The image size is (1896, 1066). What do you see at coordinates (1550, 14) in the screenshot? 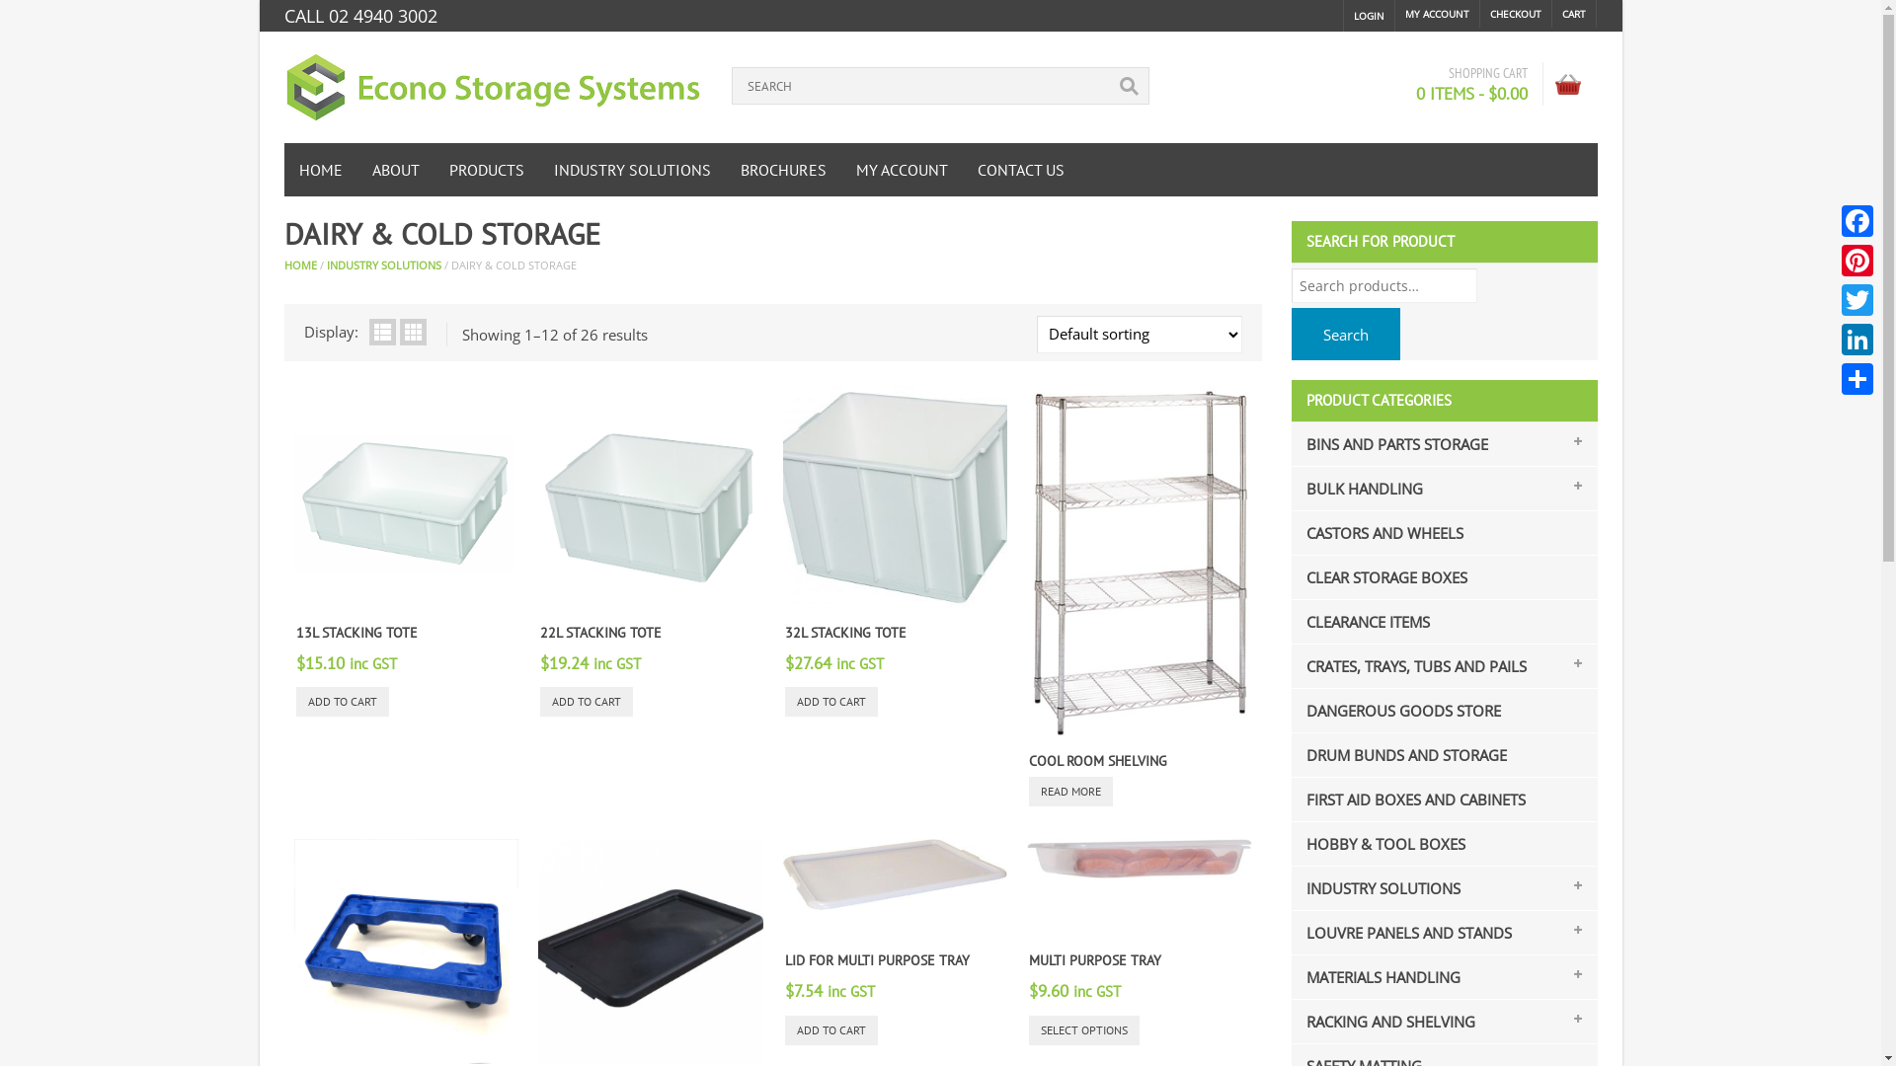
I see `'CART'` at bounding box center [1550, 14].